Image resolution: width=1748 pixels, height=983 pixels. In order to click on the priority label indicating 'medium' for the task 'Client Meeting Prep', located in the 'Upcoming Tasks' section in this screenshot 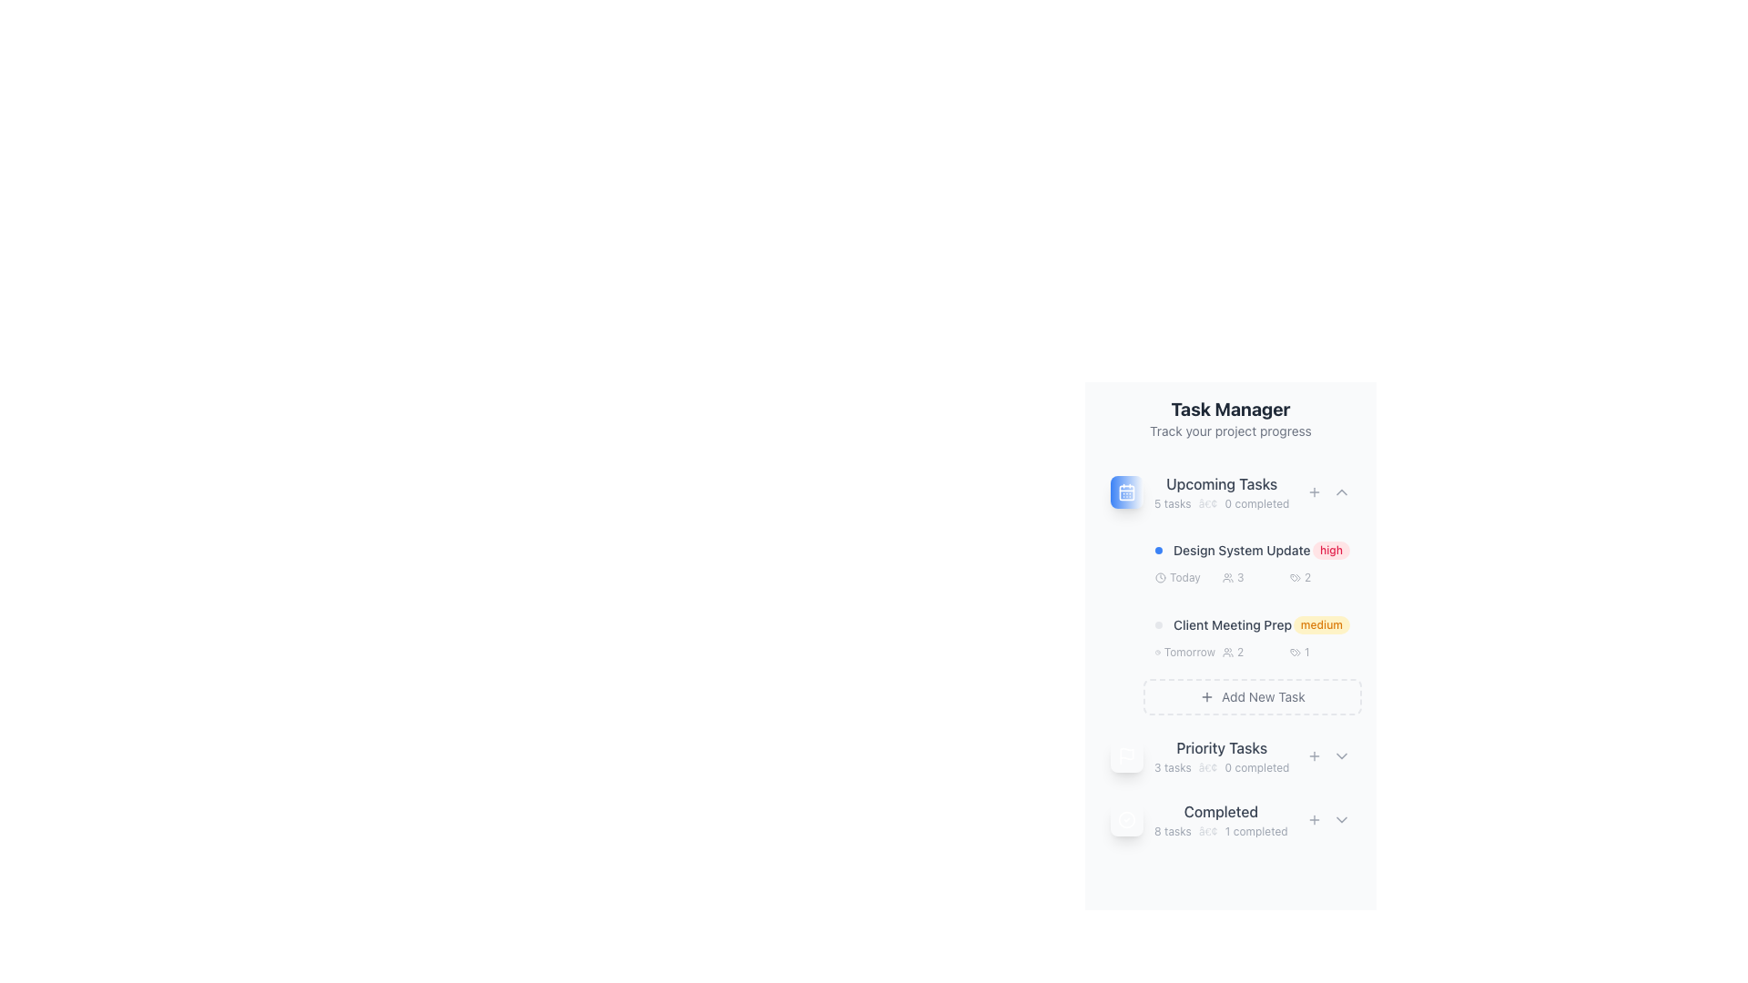, I will do `click(1252, 621)`.